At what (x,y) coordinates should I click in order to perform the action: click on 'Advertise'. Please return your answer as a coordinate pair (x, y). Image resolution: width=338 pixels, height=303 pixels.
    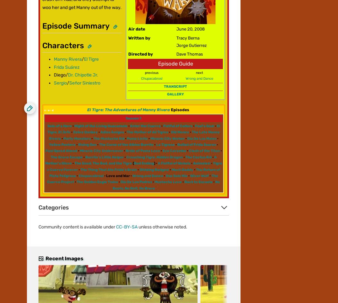
    Looking at the image, I should click on (38, 55).